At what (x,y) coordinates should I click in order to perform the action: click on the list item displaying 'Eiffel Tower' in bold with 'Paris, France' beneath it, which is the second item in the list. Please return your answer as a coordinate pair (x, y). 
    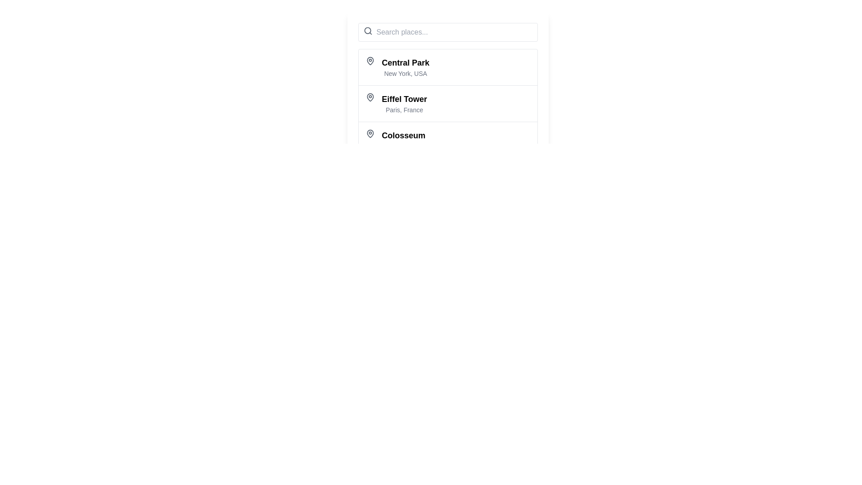
    Looking at the image, I should click on (448, 90).